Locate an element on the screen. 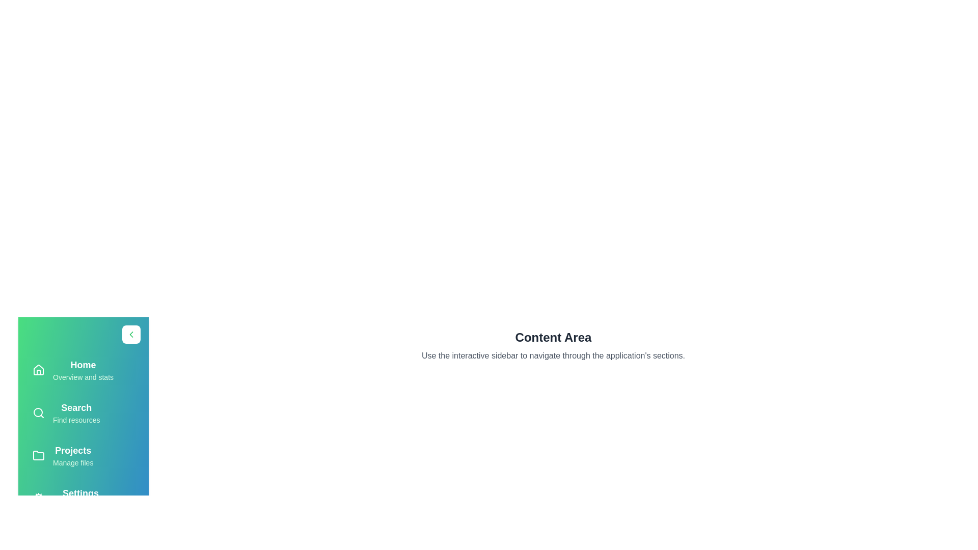 This screenshot has height=550, width=978. the menu item Search to highlight it is located at coordinates (83, 413).